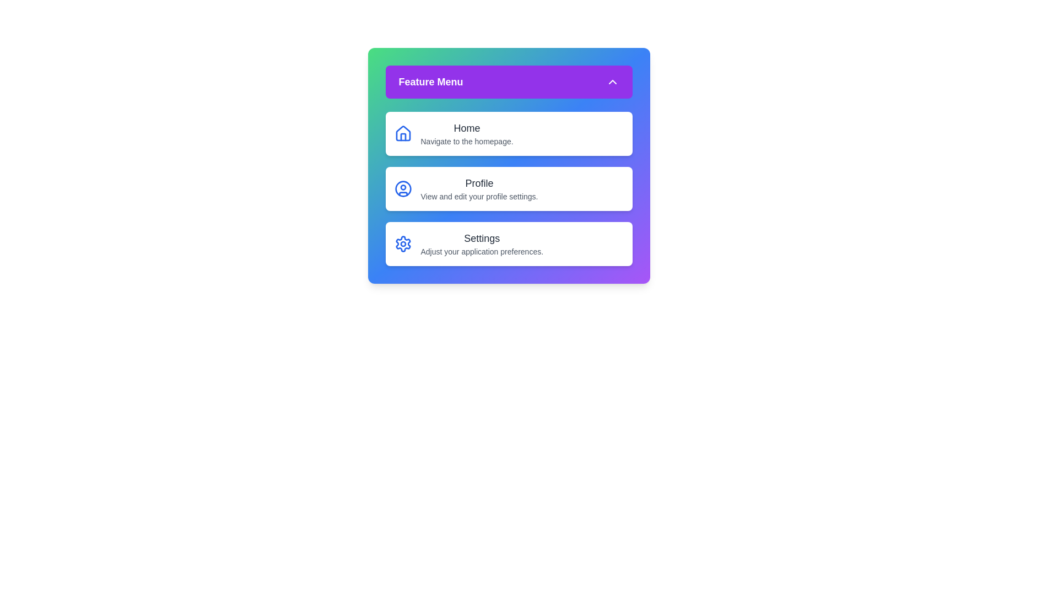 This screenshot has height=595, width=1058. Describe the element at coordinates (508, 244) in the screenshot. I see `the menu item labeled Settings` at that location.